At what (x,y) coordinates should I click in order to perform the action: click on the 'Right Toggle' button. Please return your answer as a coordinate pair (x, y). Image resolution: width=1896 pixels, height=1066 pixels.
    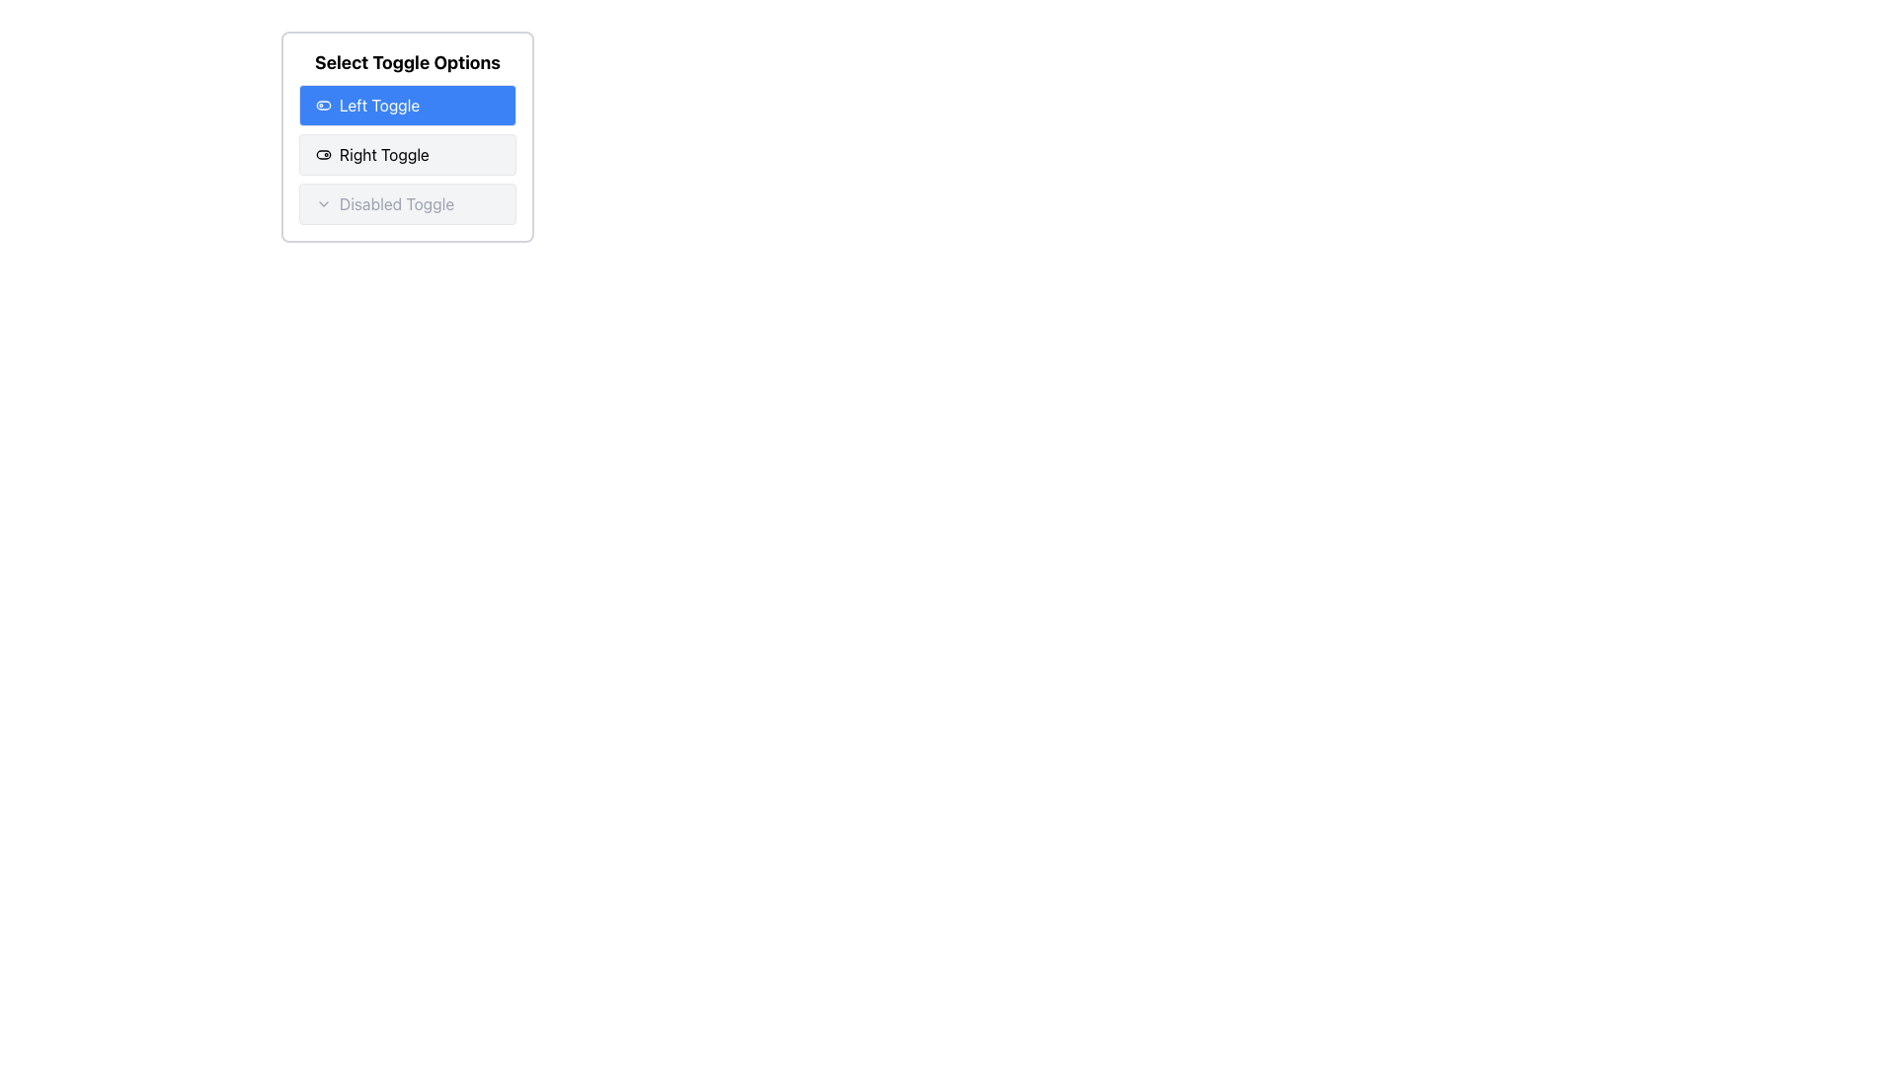
    Looking at the image, I should click on (406, 154).